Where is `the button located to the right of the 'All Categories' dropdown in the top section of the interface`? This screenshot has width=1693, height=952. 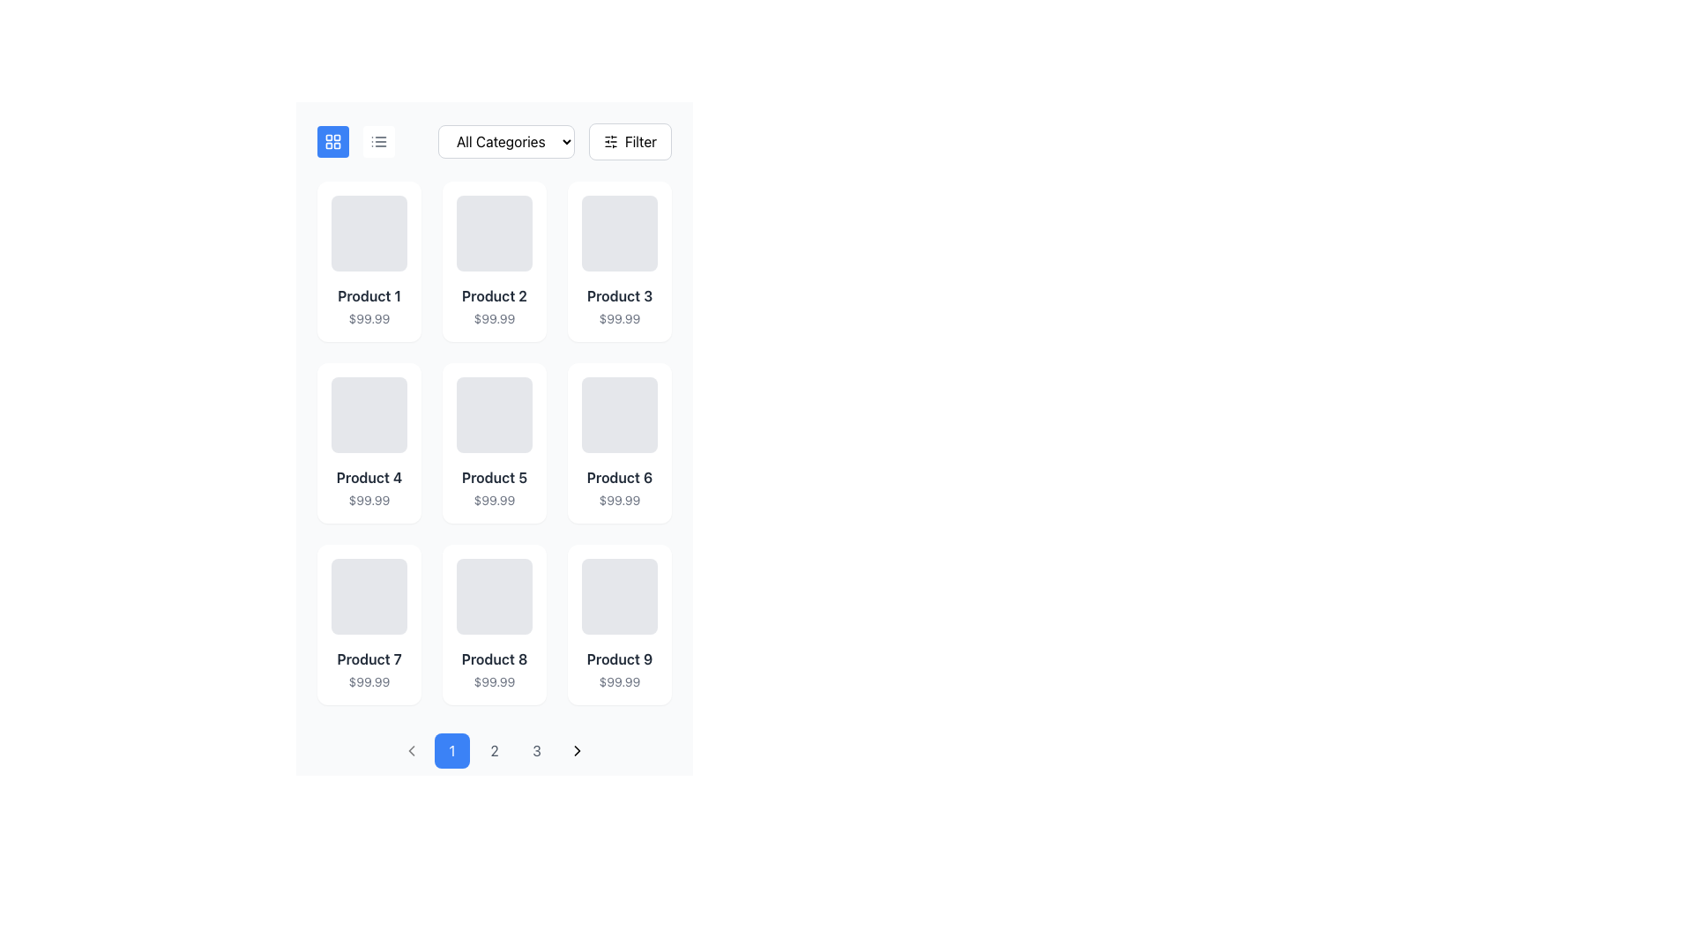
the button located to the right of the 'All Categories' dropdown in the top section of the interface is located at coordinates (630, 141).